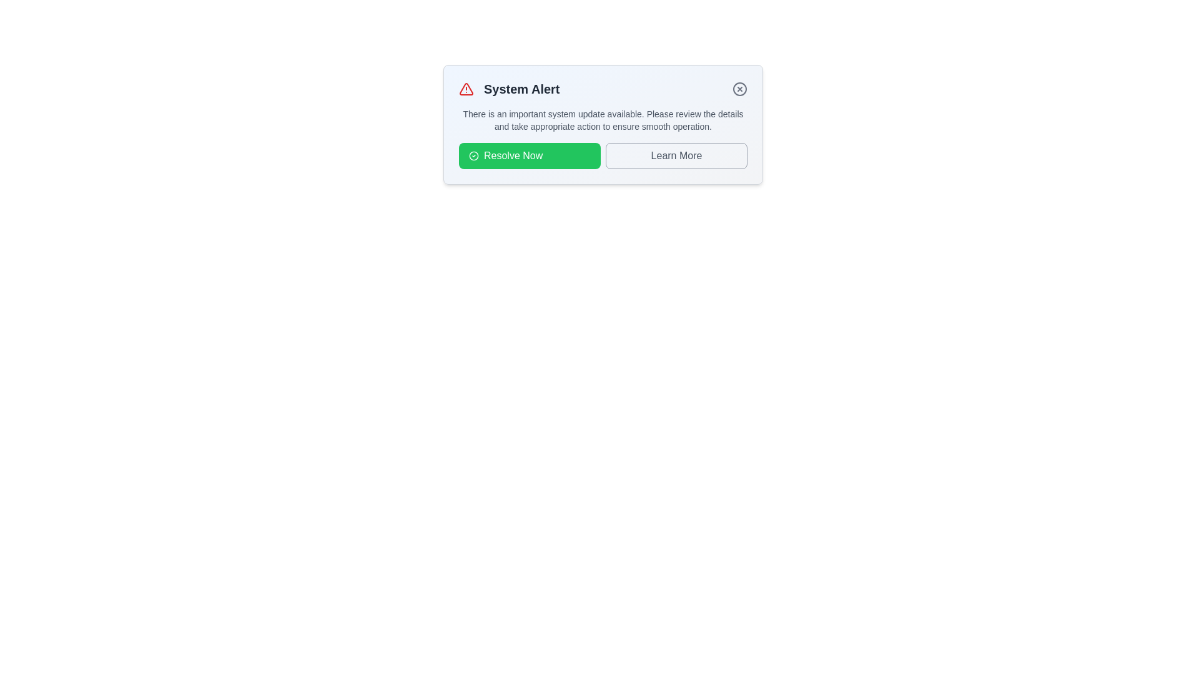 This screenshot has height=674, width=1199. I want to click on the 'Resolve Now' button to address the alert, so click(530, 155).